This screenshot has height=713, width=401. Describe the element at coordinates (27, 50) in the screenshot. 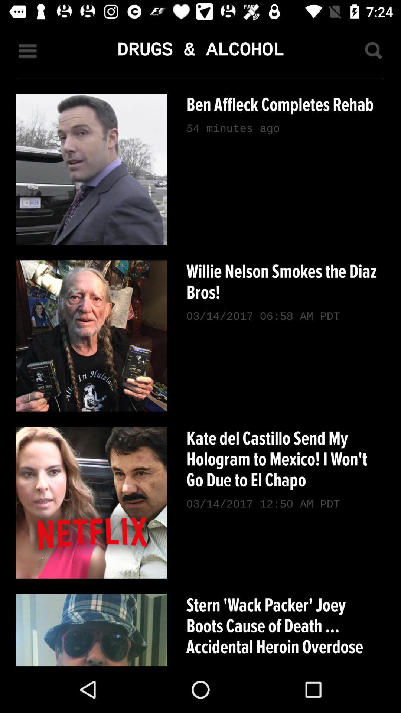

I see `the menu icon` at that location.